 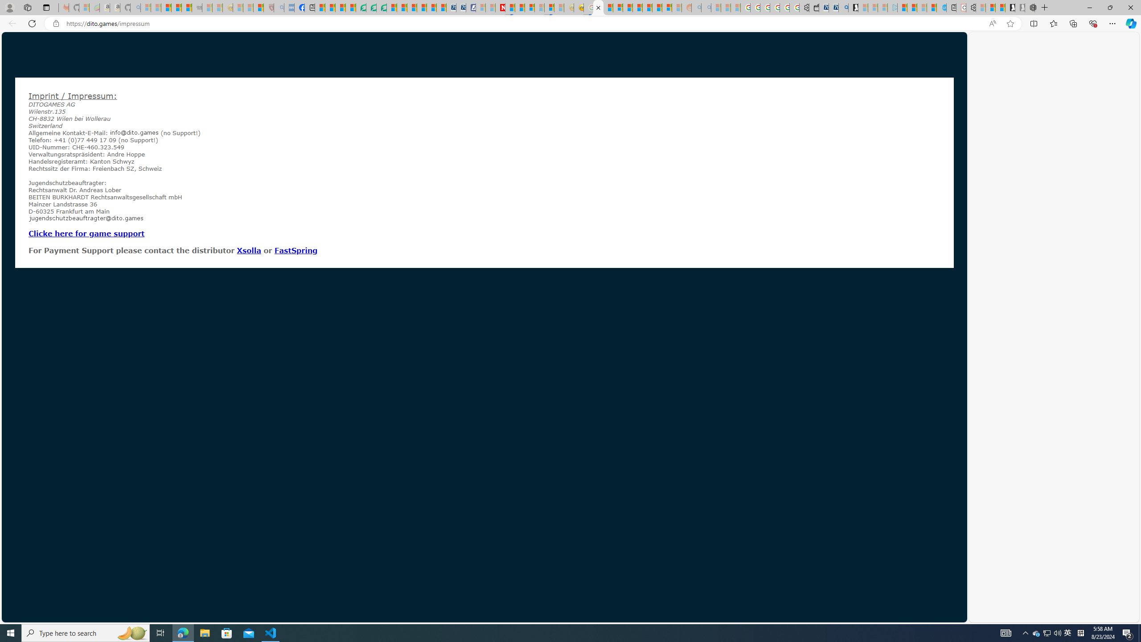 What do you see at coordinates (86, 233) in the screenshot?
I see `'Clicke here for game support'` at bounding box center [86, 233].